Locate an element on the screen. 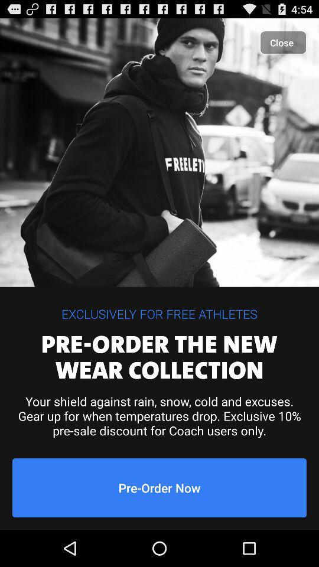 This screenshot has width=319, height=567. your shield against icon is located at coordinates (159, 416).